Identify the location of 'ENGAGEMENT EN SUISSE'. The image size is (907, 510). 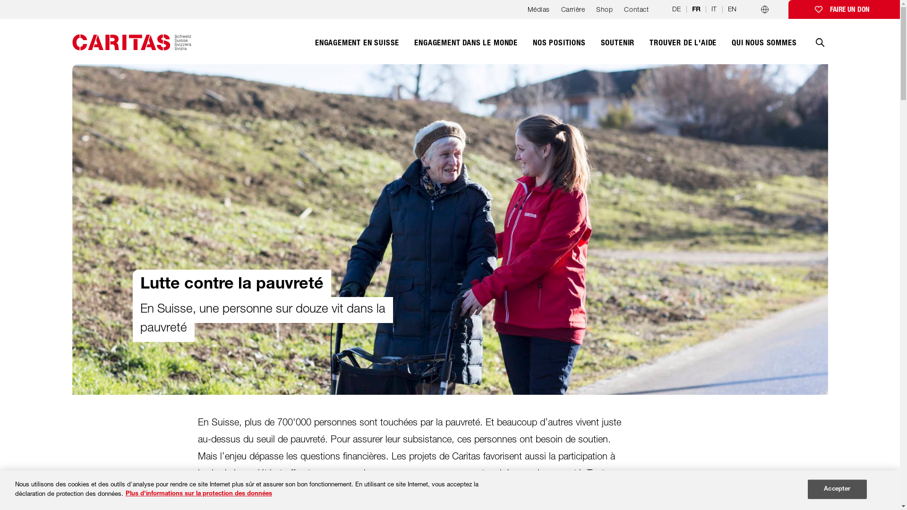
(357, 48).